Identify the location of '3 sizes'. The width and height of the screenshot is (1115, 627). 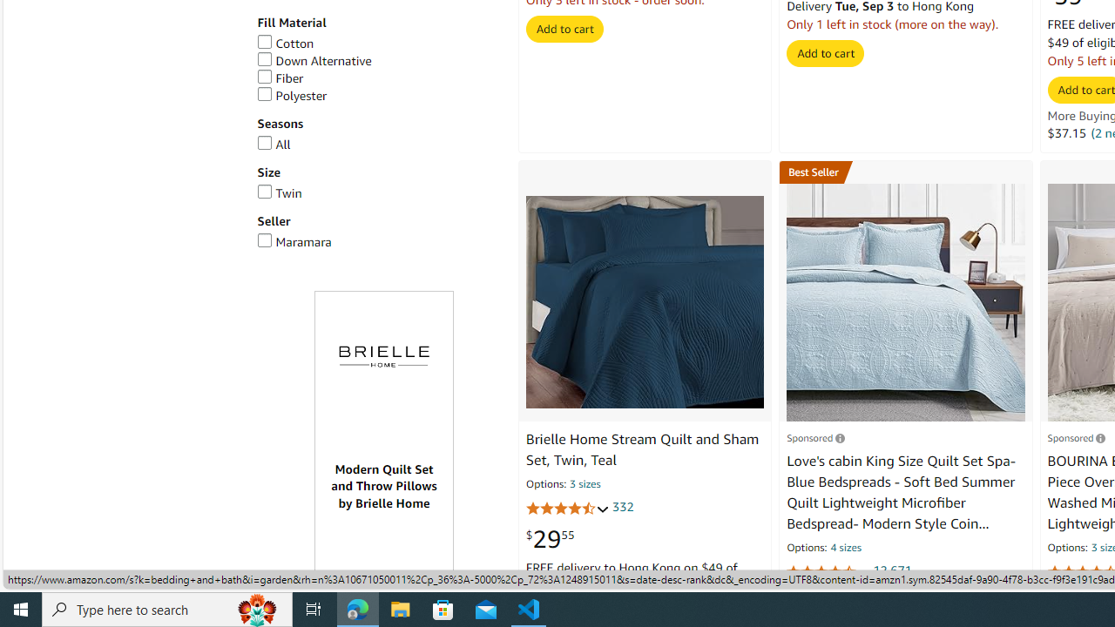
(585, 485).